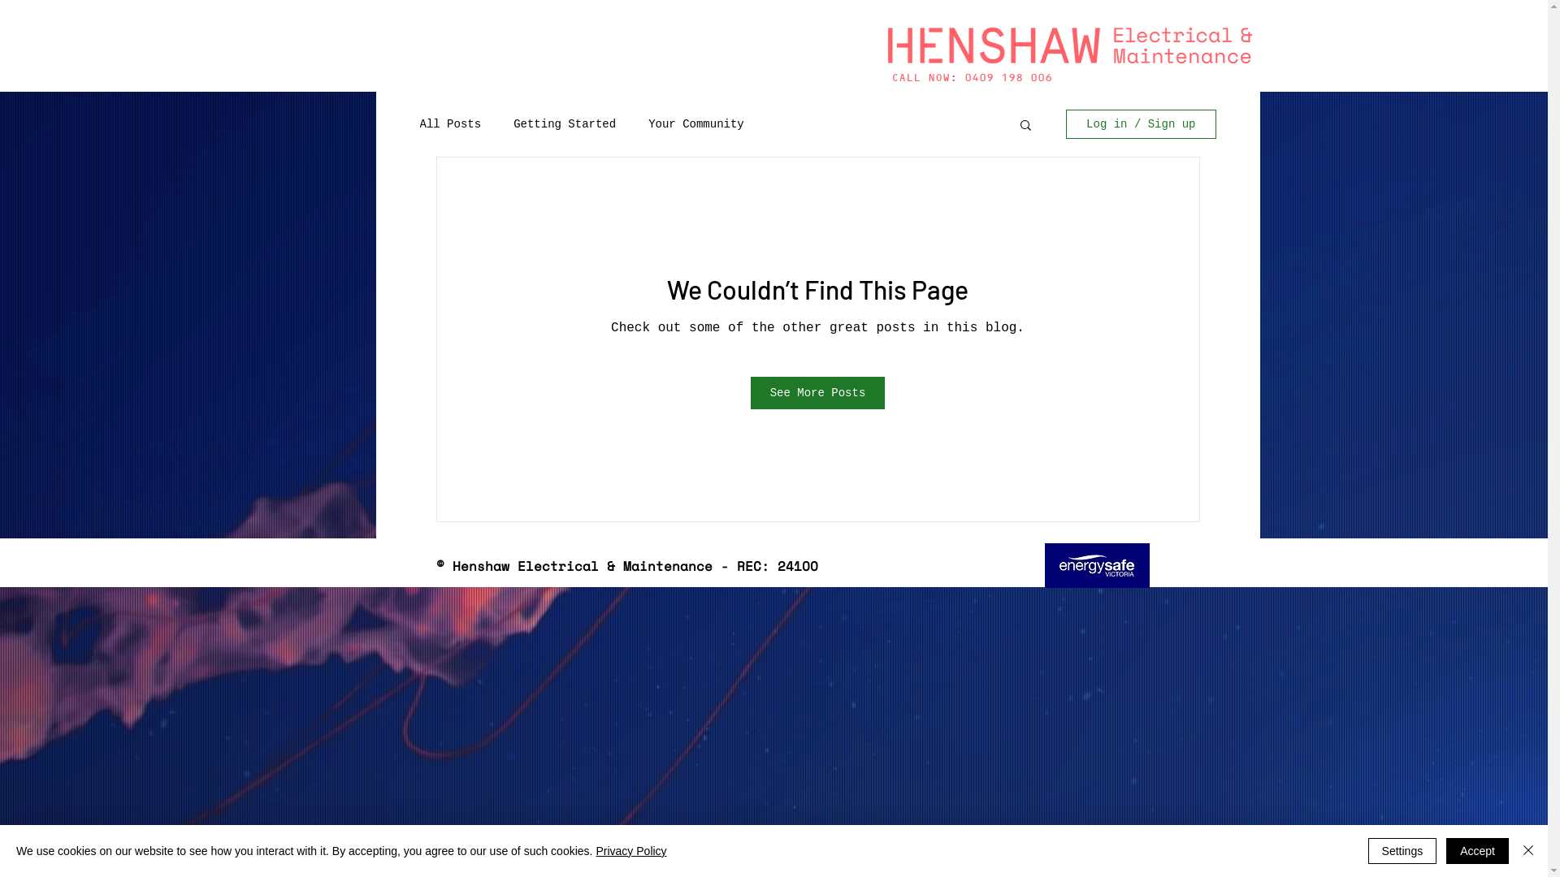 The width and height of the screenshot is (1560, 877). What do you see at coordinates (1402, 850) in the screenshot?
I see `'Settings'` at bounding box center [1402, 850].